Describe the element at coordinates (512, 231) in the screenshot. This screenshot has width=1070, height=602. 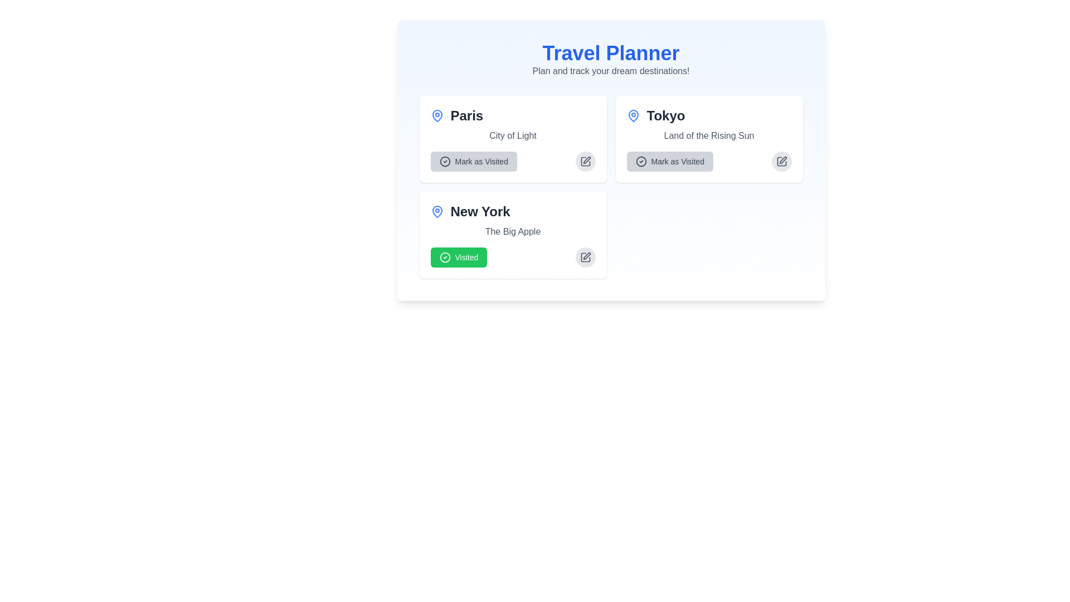
I see `the Static Text Element that displays the tagline 'The Big Apple' located within the New York City card, positioned below the header 'New York' and above the 'Visited' button` at that location.